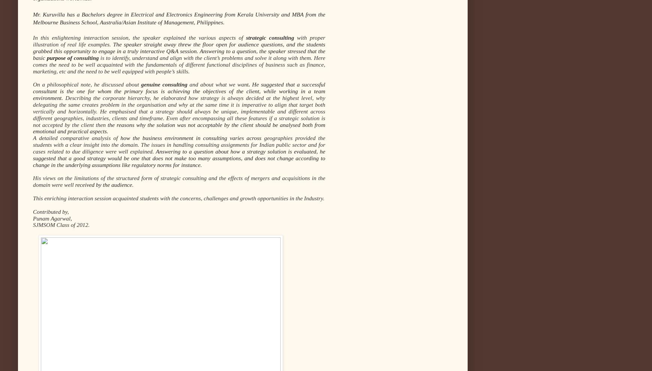 This screenshot has width=652, height=371. Describe the element at coordinates (178, 111) in the screenshot. I see `'Describing the corporate hierarchy, he elaborated how strategy is always decided at the highest level, why delegating the same creates problem in the organisation and why at the same time it is imperative to align that target both vertically and horizontally. He emphasised that a strategy should always be unique, implementable and different across different geographies, industries, clients and timeframe. Even after encompassing all these features if a strategic solution is not accepted by the client then'` at that location.